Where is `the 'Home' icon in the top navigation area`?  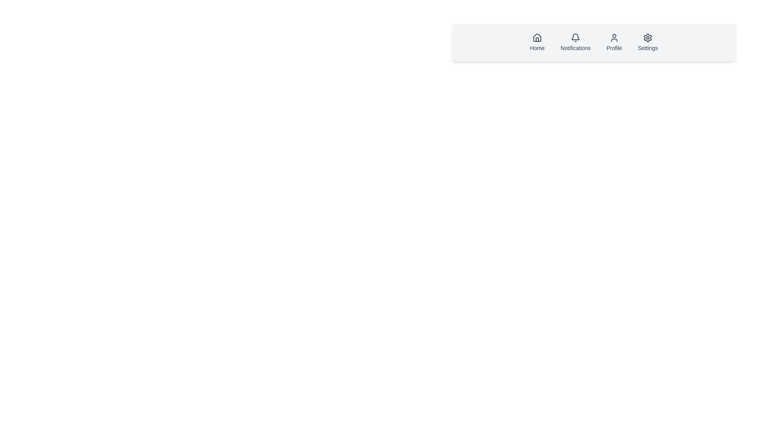
the 'Home' icon in the top navigation area is located at coordinates (537, 38).